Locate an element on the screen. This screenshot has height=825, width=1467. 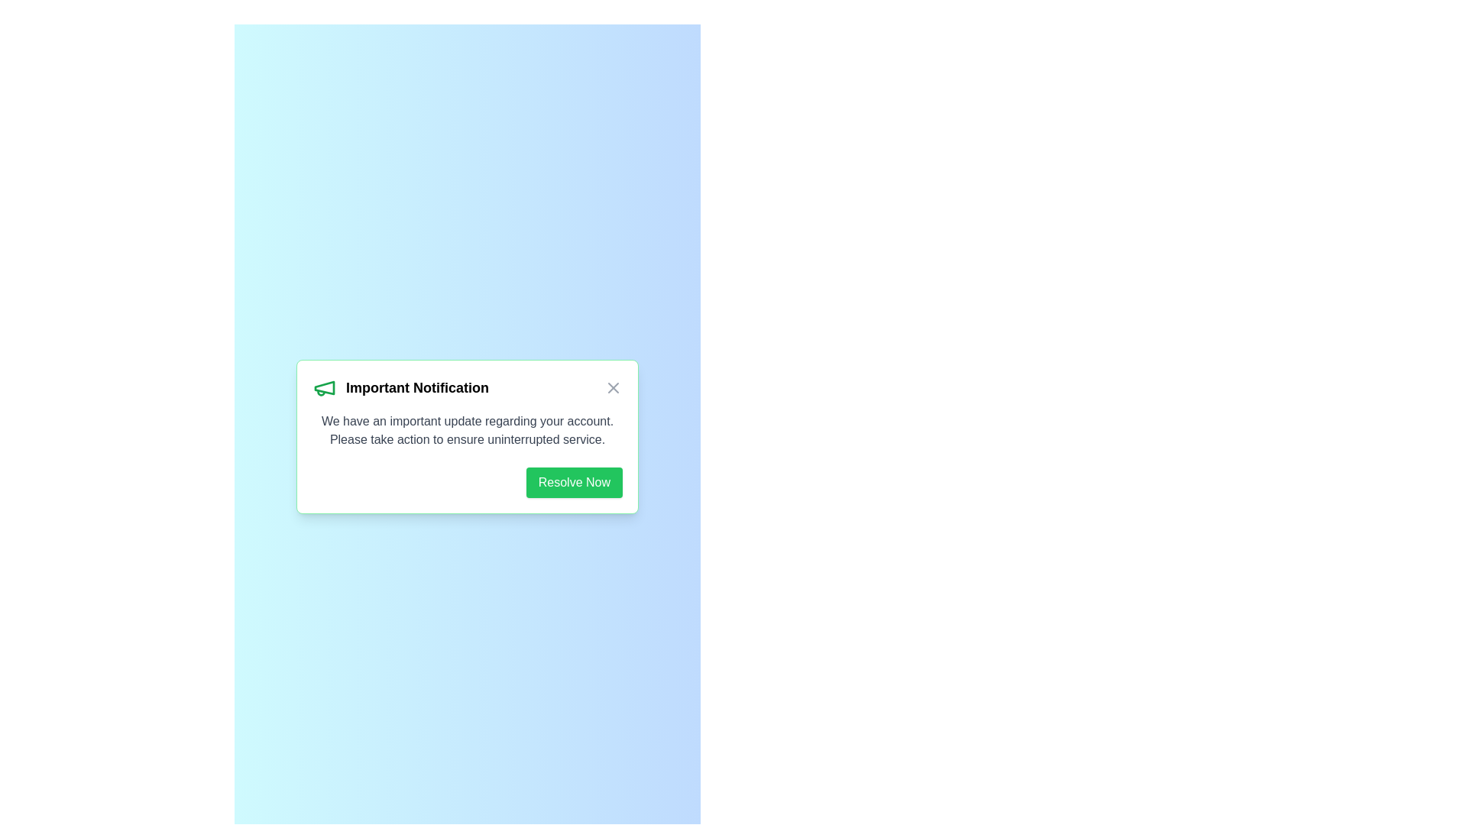
the 'Resolve Now' button to activate the action is located at coordinates (573, 483).